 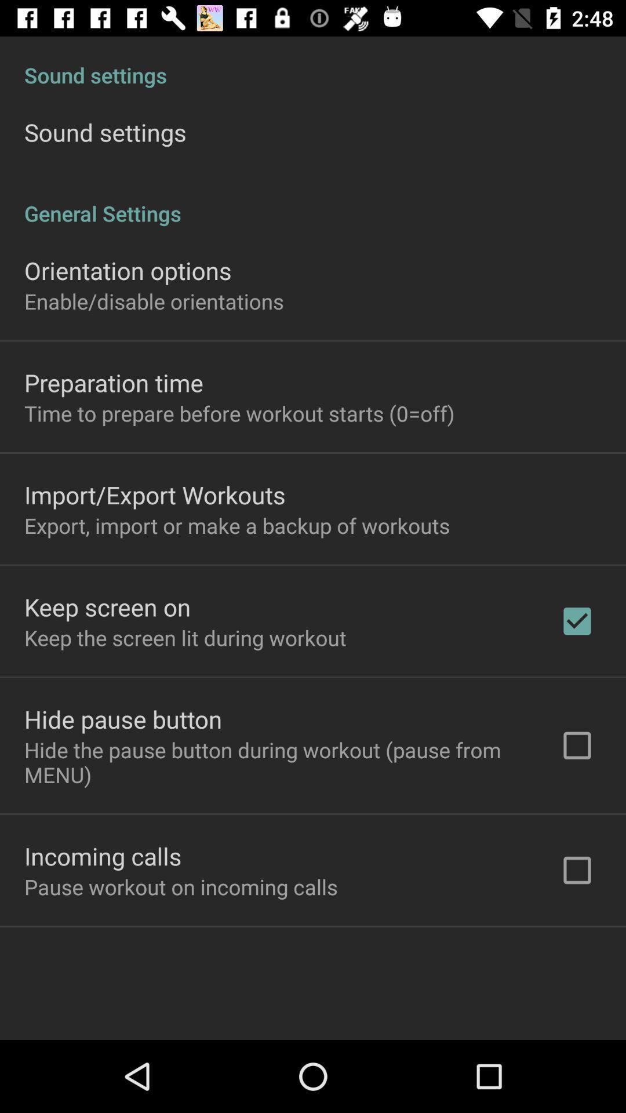 What do you see at coordinates (239, 413) in the screenshot?
I see `the icon above the import/export workouts icon` at bounding box center [239, 413].